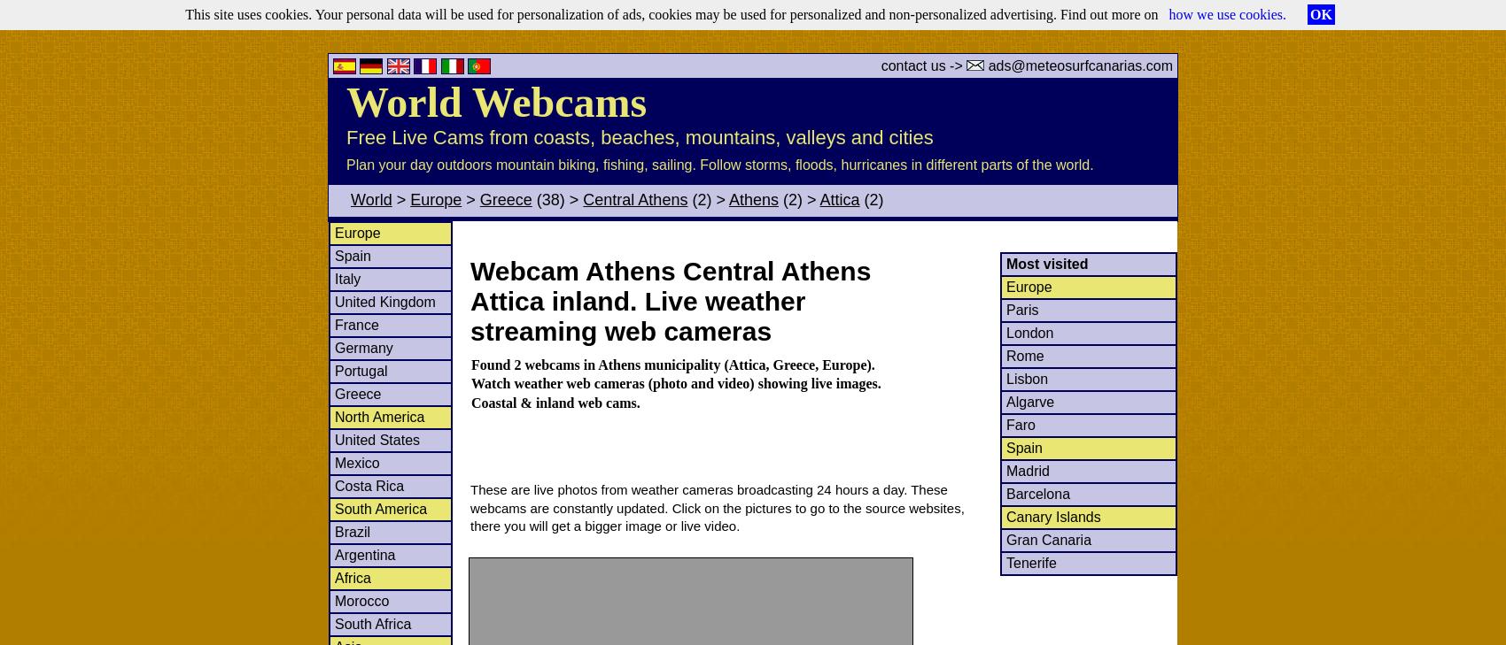 The width and height of the screenshot is (1506, 645). What do you see at coordinates (1020, 424) in the screenshot?
I see `'Faro'` at bounding box center [1020, 424].